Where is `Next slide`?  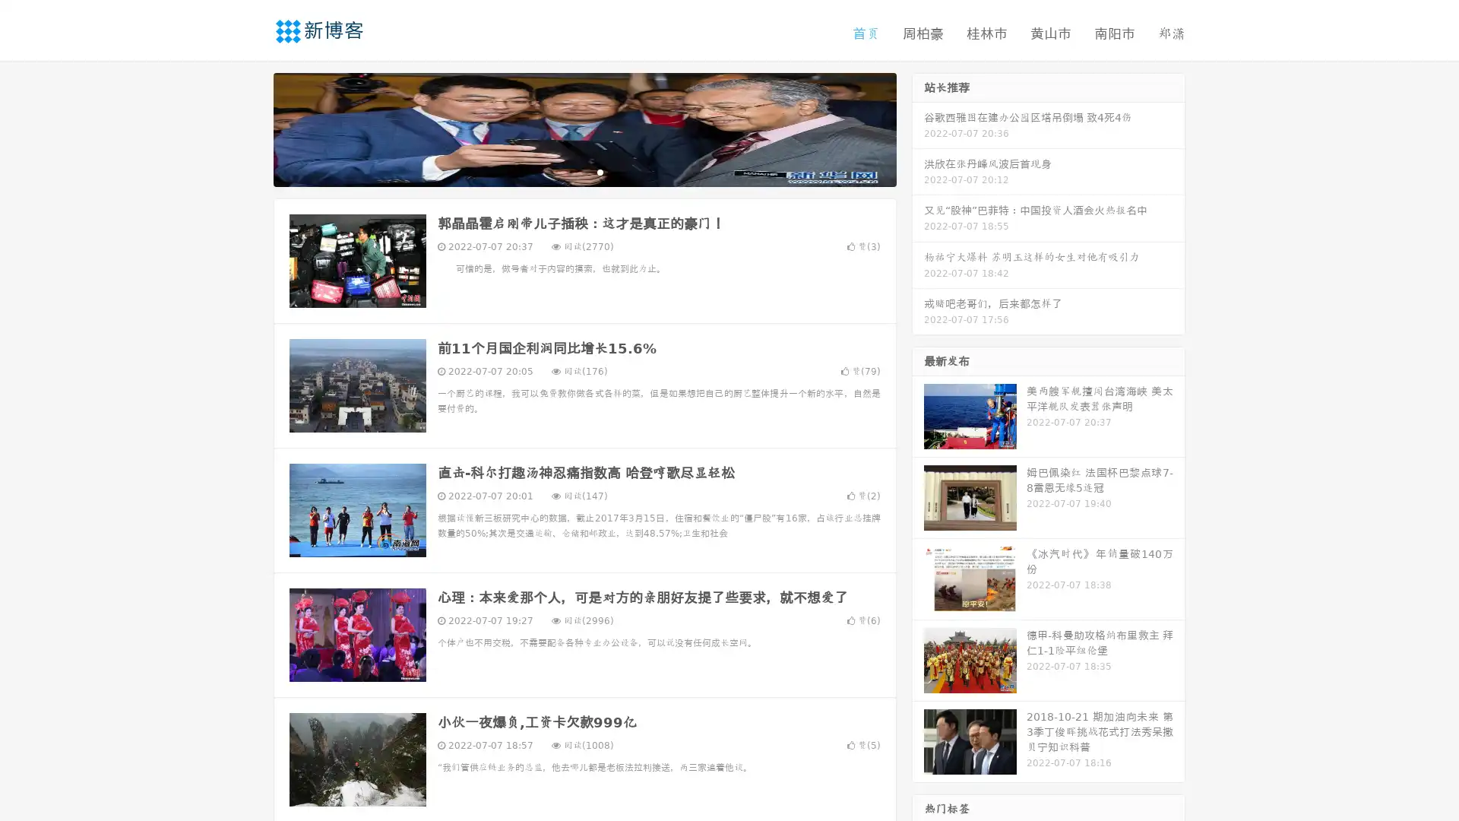 Next slide is located at coordinates (918, 128).